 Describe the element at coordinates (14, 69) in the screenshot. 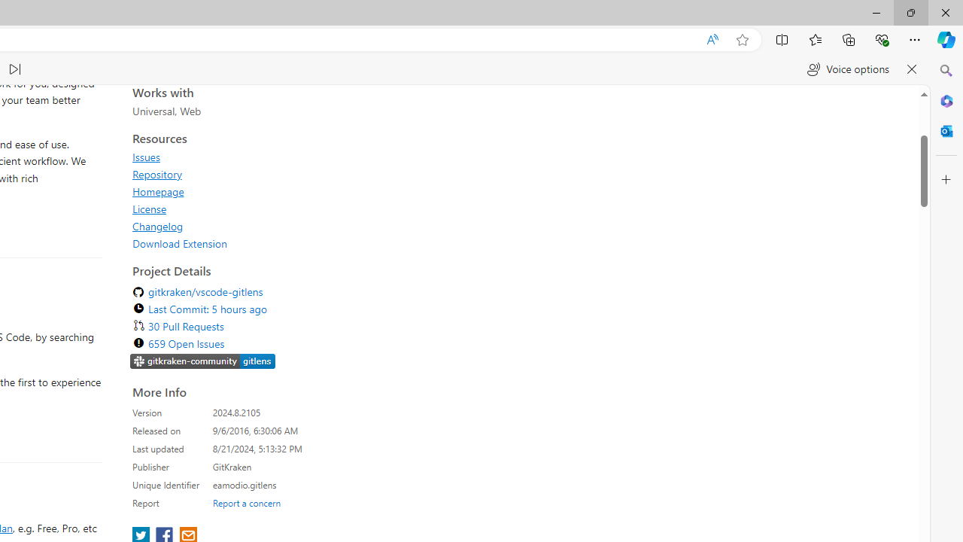

I see `'Read next paragraph'` at that location.